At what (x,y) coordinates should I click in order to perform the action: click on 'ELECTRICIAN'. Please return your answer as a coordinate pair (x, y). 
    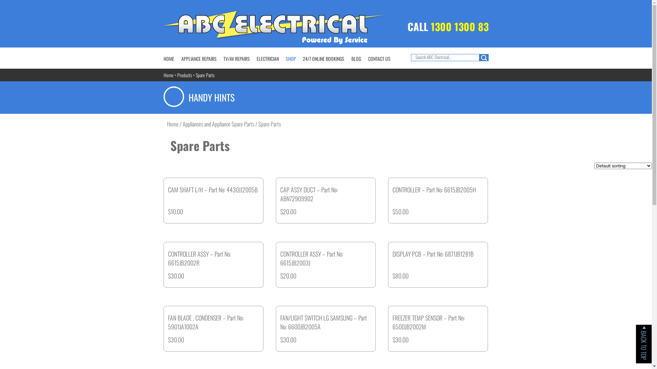
    Looking at the image, I should click on (267, 58).